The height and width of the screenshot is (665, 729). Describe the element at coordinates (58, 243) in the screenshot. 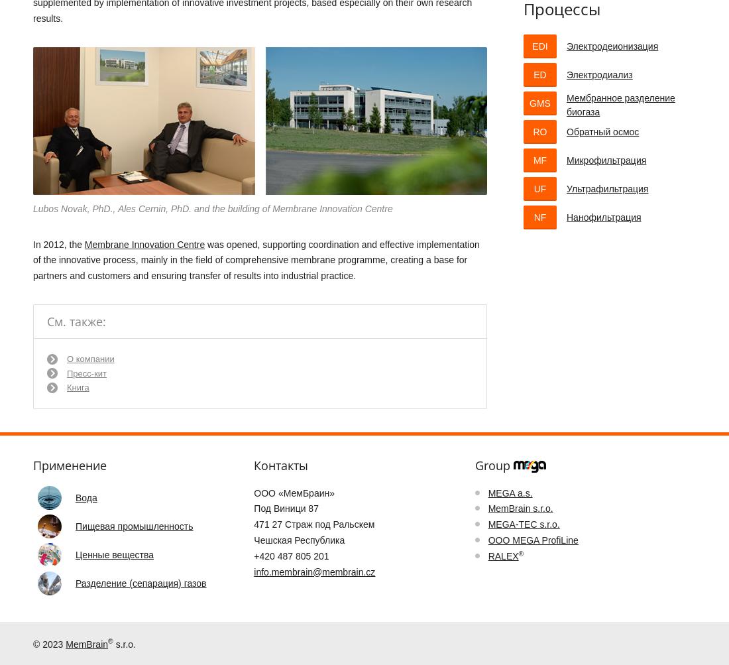

I see `'In 2012, the'` at that location.